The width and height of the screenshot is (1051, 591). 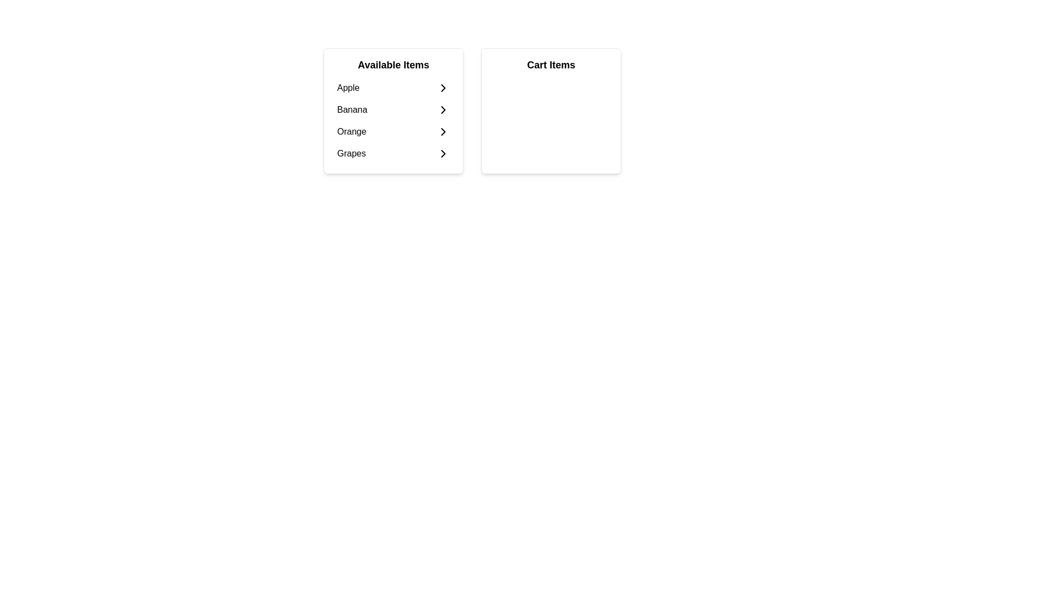 What do you see at coordinates (394, 88) in the screenshot?
I see `to select the item 'Apple' from the topmost position in the 'Available Items' section of the left panel` at bounding box center [394, 88].